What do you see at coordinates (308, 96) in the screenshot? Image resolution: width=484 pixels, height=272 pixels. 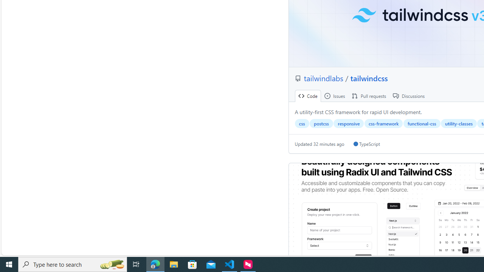 I see `' Code'` at bounding box center [308, 96].